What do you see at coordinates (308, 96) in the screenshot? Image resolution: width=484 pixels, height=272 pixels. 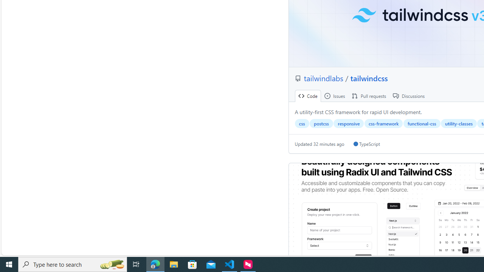 I see `' Code'` at bounding box center [308, 96].